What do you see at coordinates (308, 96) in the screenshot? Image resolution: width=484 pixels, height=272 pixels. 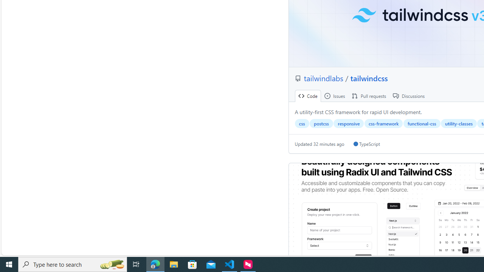 I see `' Code'` at bounding box center [308, 96].